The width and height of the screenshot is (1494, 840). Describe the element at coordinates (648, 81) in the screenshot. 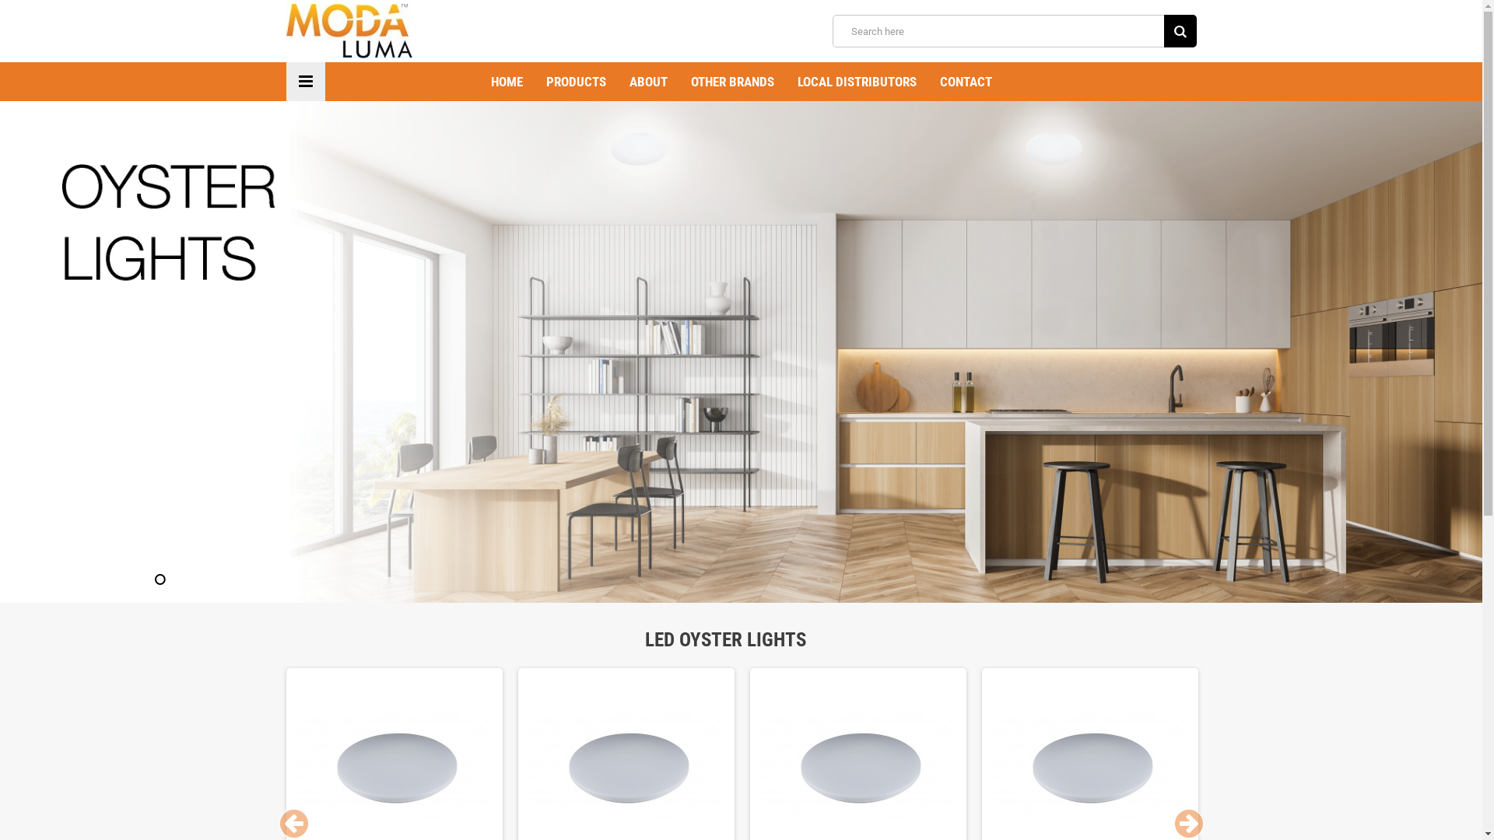

I see `'ABOUT'` at that location.